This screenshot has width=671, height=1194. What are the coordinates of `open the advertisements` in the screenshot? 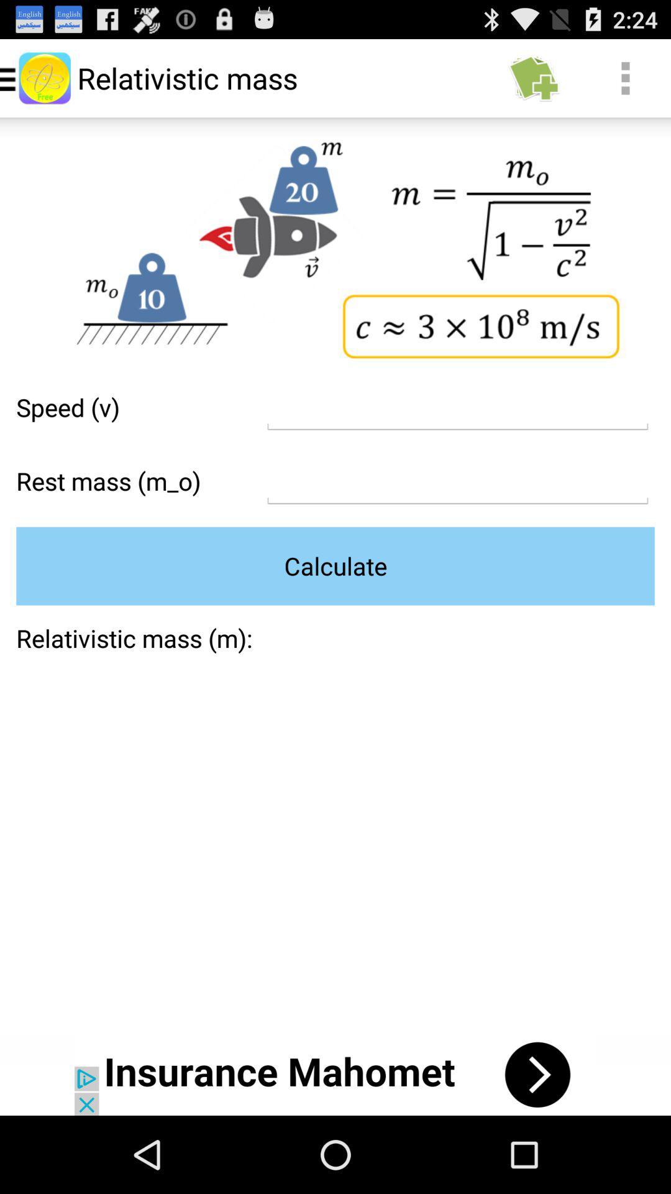 It's located at (335, 1074).